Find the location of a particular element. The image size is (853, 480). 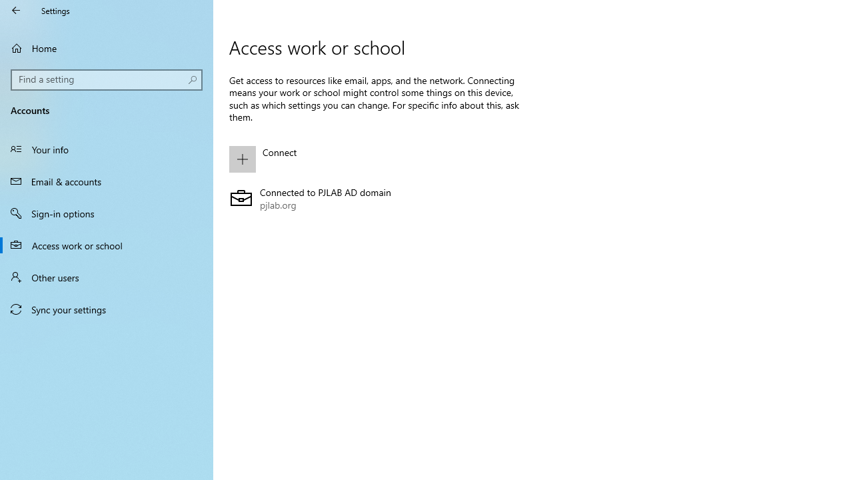

'Search box, Find a setting' is located at coordinates (107, 79).